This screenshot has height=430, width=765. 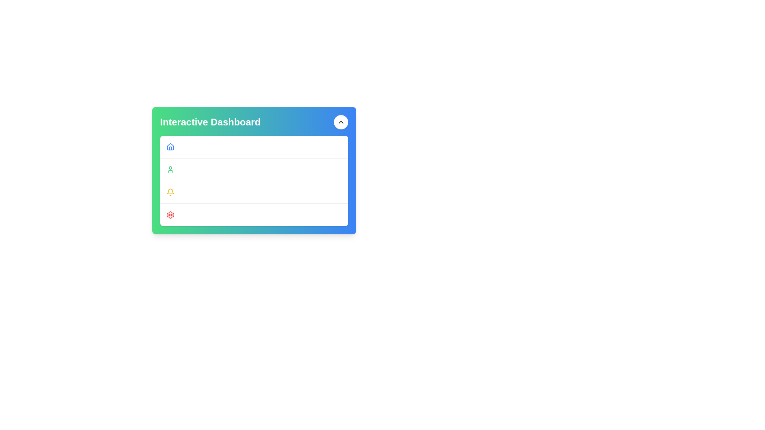 I want to click on the chevron-up icon located at the top right corner of the interface, so click(x=341, y=122).